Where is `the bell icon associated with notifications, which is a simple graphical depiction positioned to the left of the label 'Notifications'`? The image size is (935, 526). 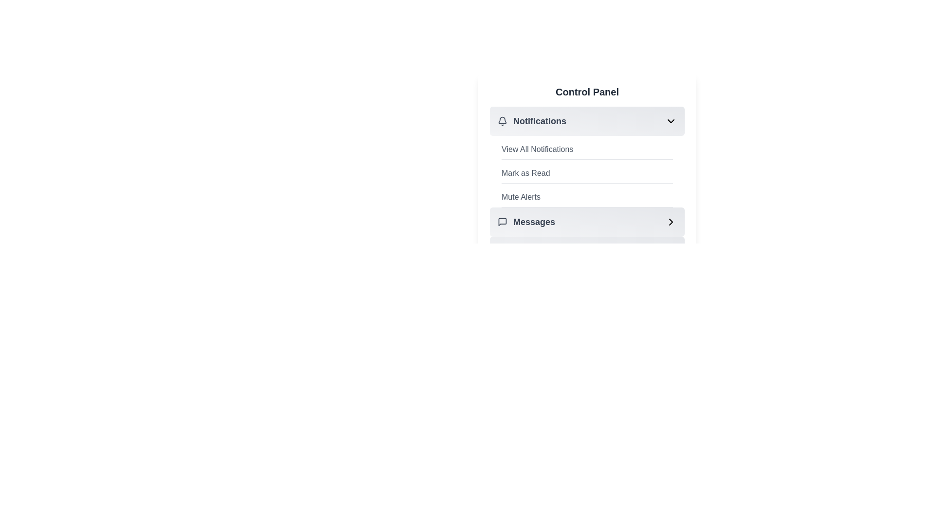 the bell icon associated with notifications, which is a simple graphical depiction positioned to the left of the label 'Notifications' is located at coordinates (503, 119).